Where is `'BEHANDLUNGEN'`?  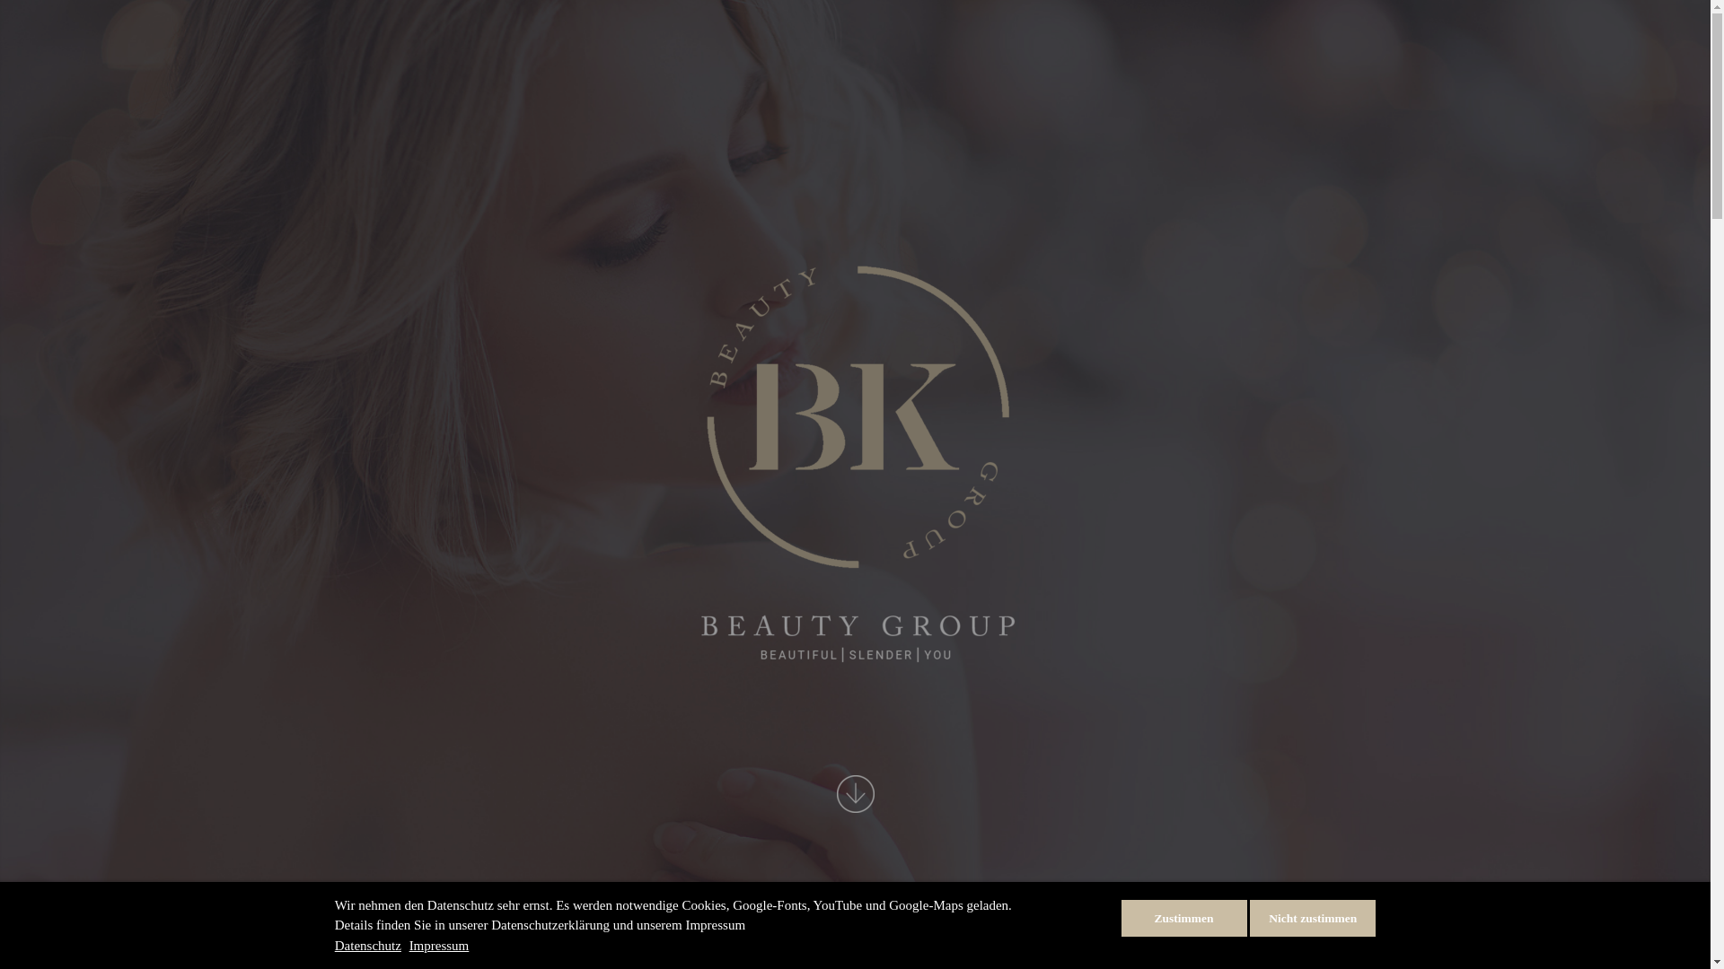 'BEHANDLUNGEN' is located at coordinates (1289, 577).